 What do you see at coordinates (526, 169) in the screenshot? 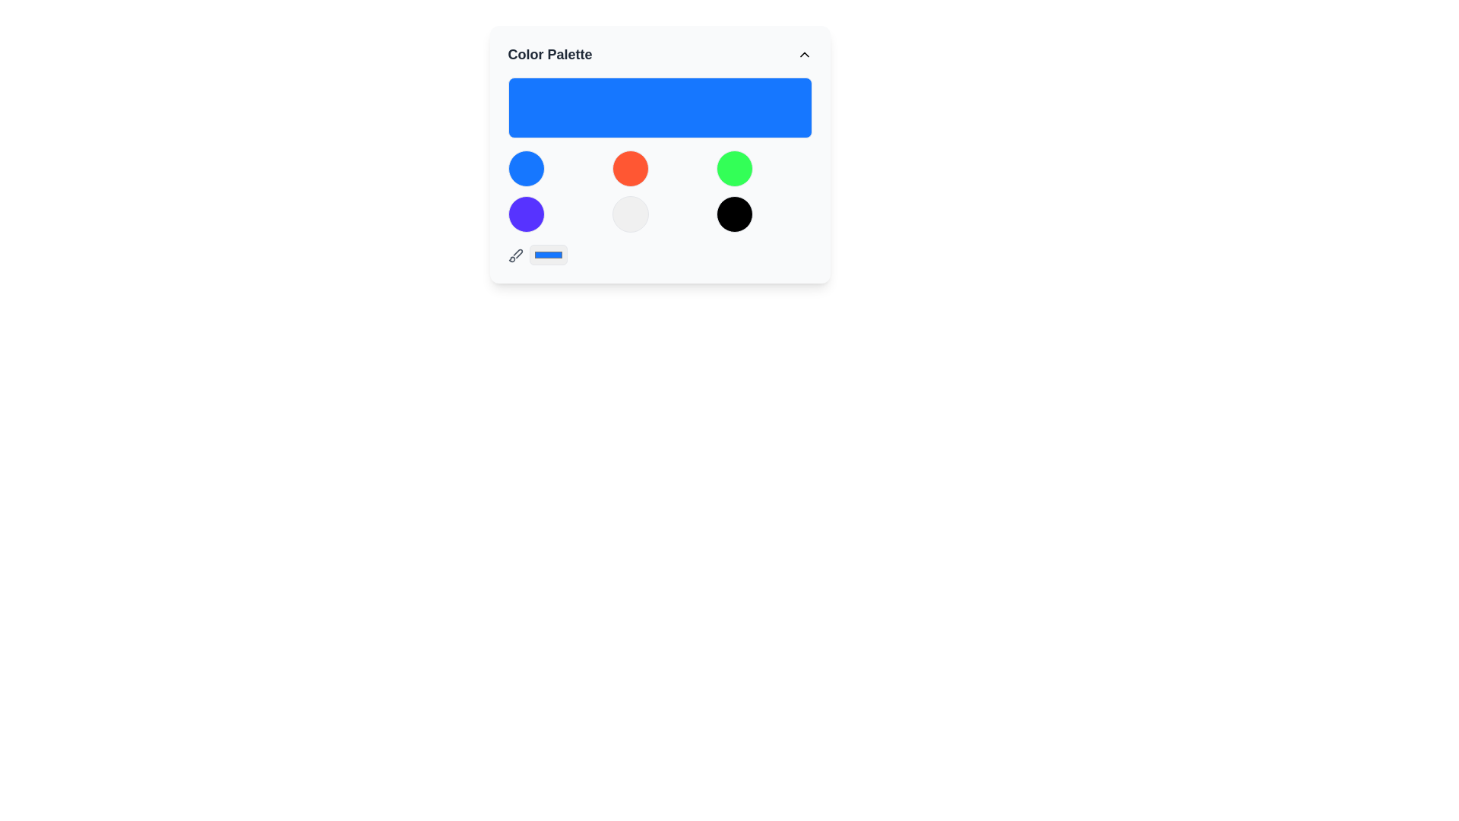
I see `the first blue circular button in the grid layout under the 'Color Palette' title` at bounding box center [526, 169].